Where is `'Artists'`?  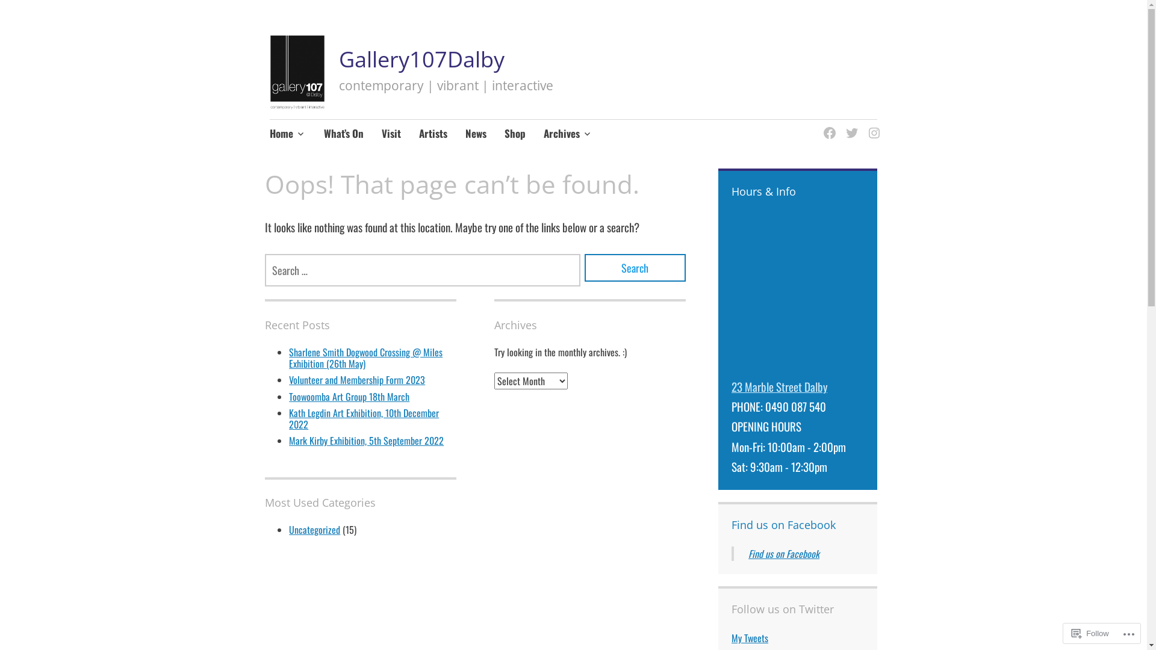 'Artists' is located at coordinates (433, 134).